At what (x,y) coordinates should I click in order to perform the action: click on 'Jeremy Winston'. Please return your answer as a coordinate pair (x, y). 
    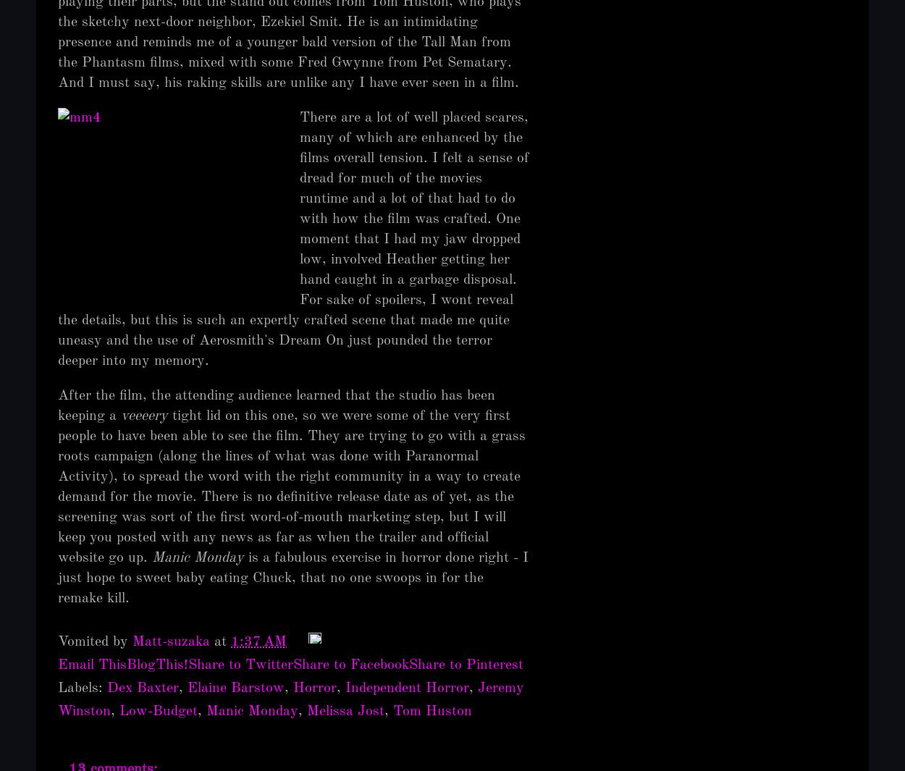
    Looking at the image, I should click on (291, 700).